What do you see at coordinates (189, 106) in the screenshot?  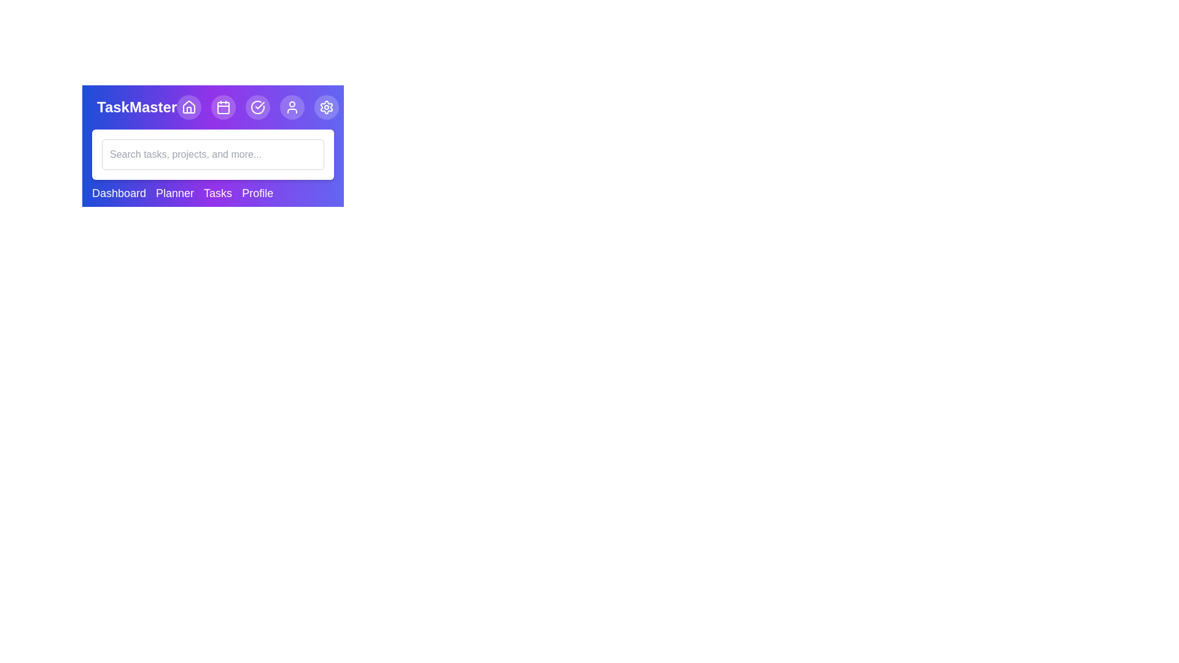 I see `the navigation icon corresponding to Home` at bounding box center [189, 106].